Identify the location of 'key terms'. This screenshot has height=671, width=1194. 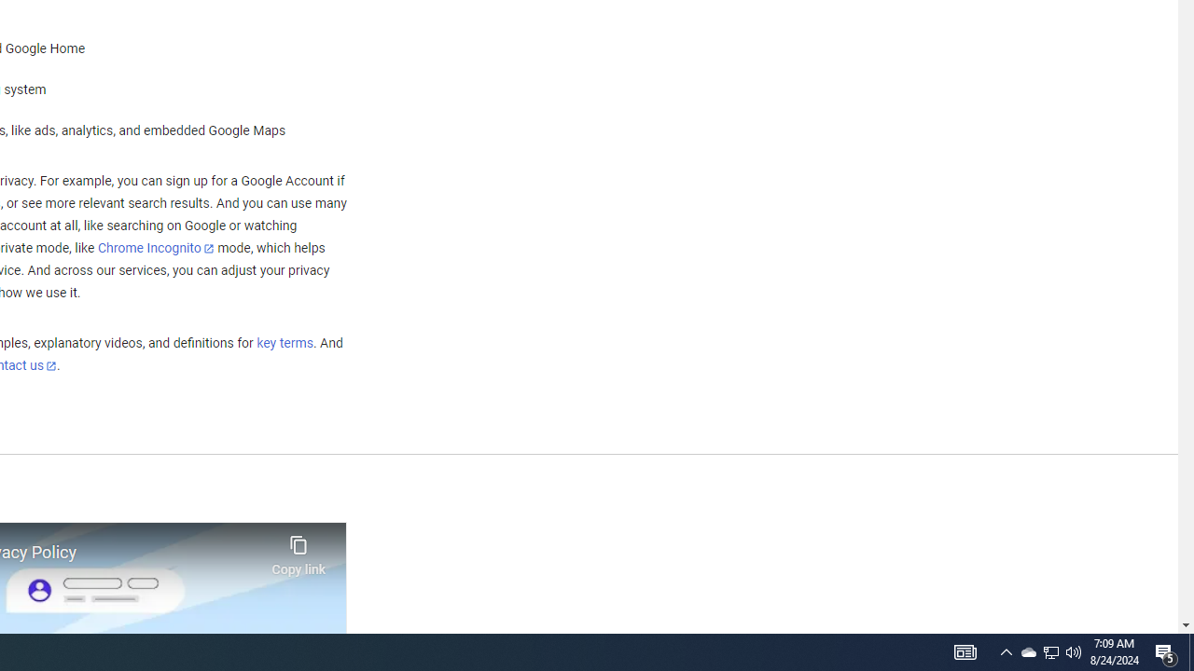
(284, 343).